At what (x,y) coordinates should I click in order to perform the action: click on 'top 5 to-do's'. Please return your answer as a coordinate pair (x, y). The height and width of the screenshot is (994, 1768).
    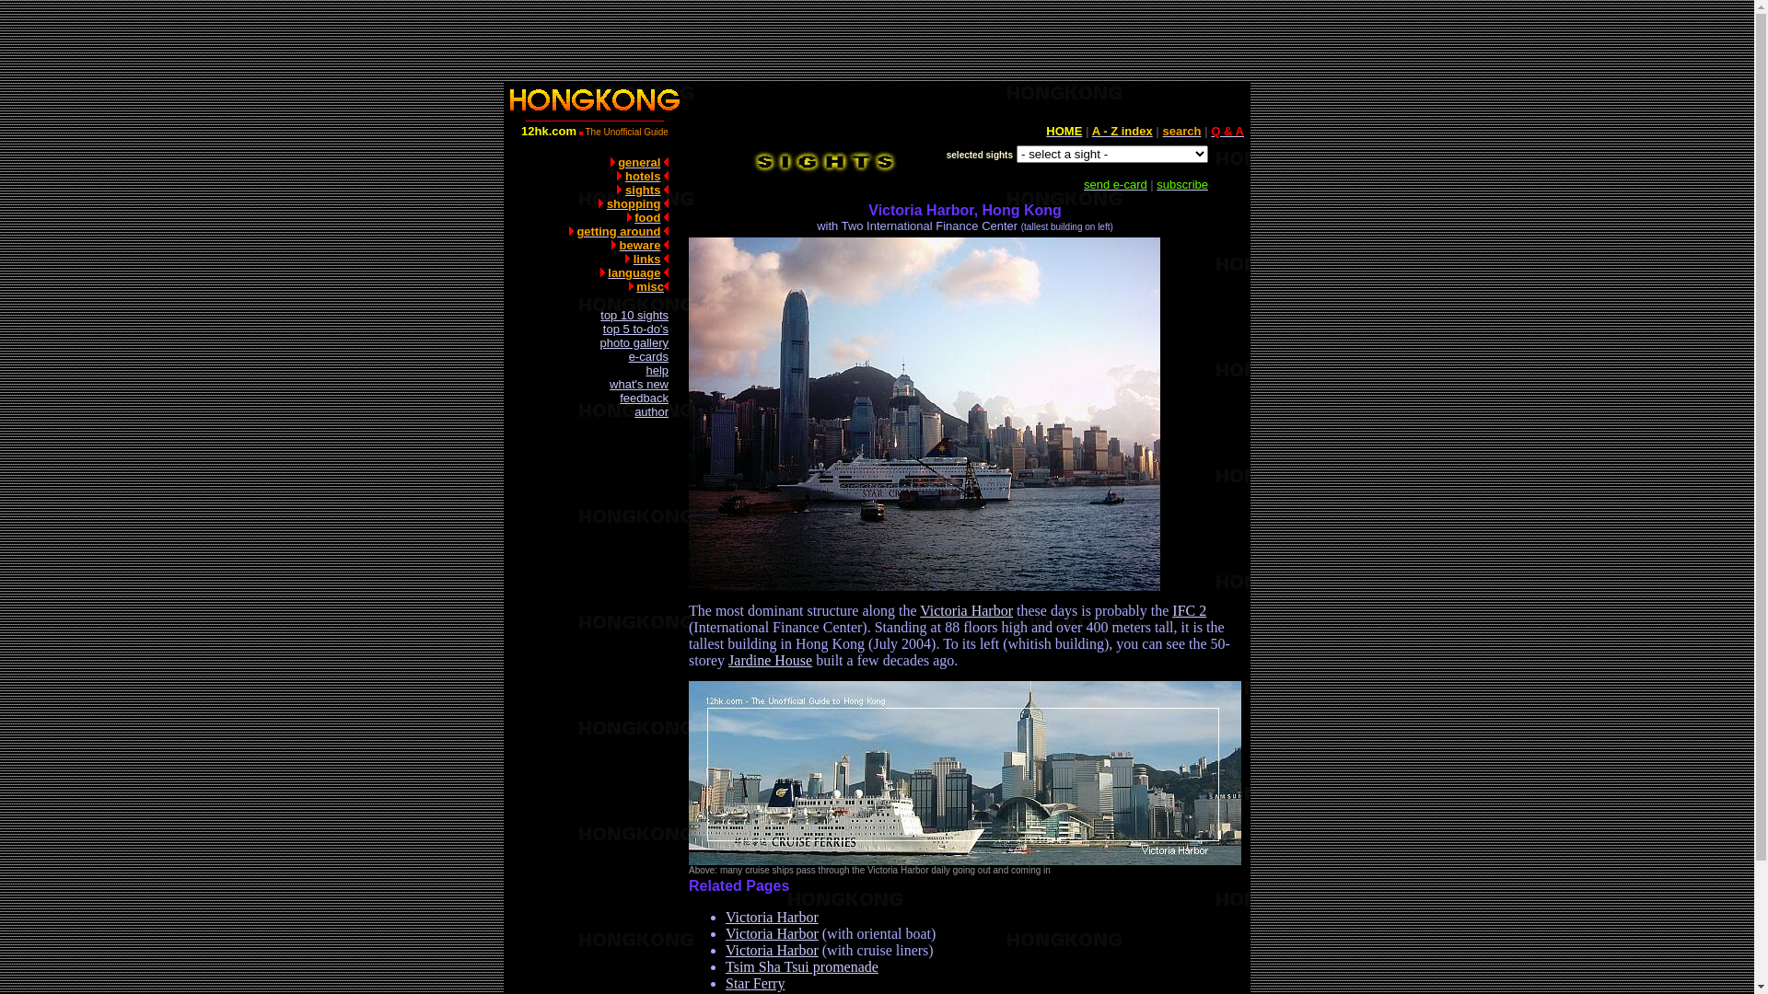
    Looking at the image, I should click on (635, 328).